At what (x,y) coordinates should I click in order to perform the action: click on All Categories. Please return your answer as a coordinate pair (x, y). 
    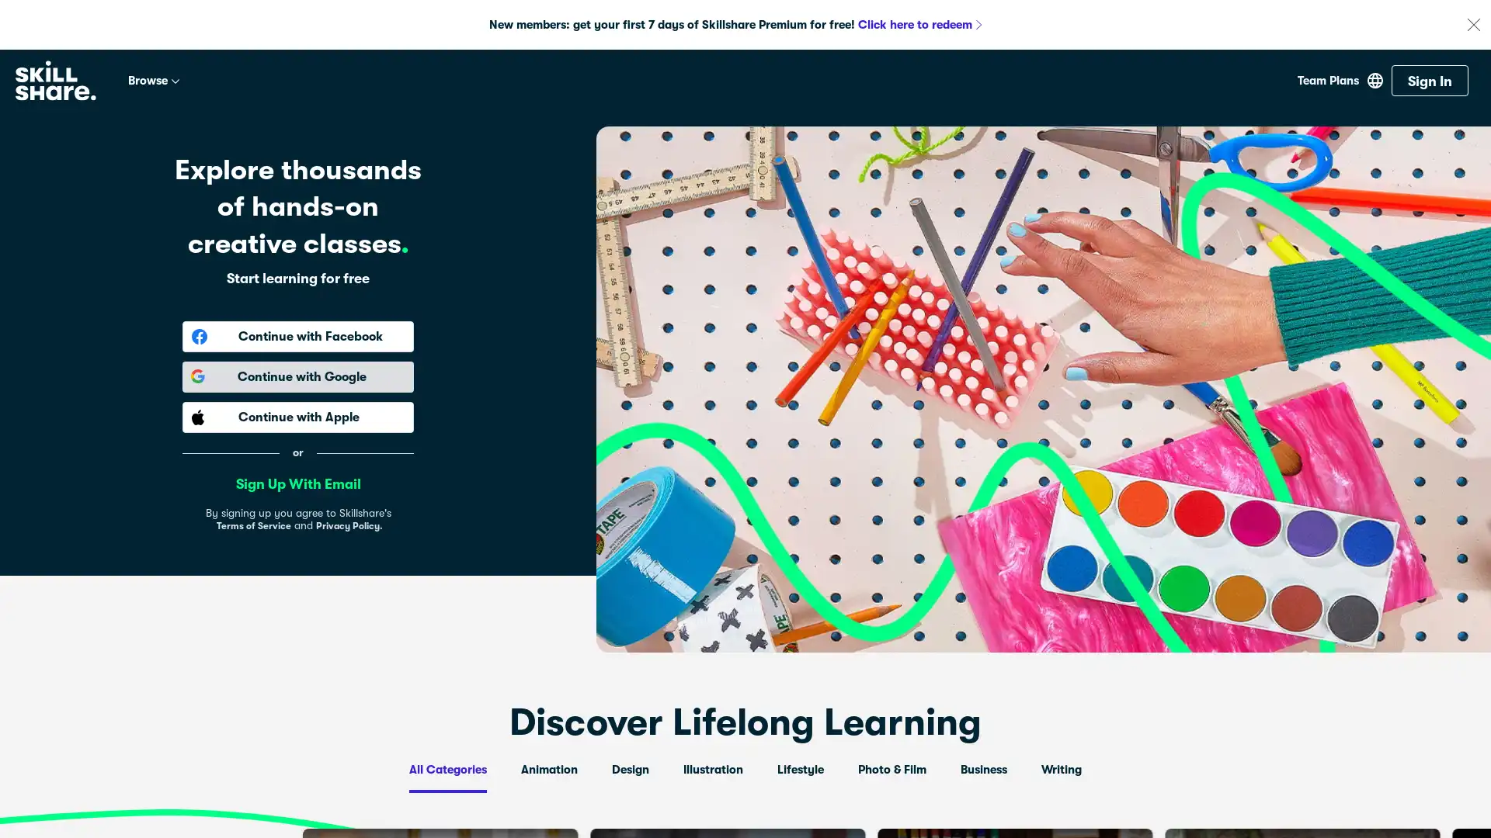
    Looking at the image, I should click on (447, 775).